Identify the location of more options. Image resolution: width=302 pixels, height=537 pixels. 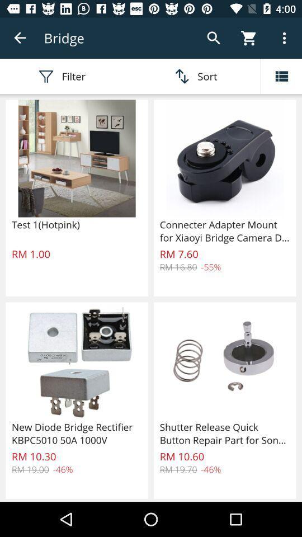
(281, 76).